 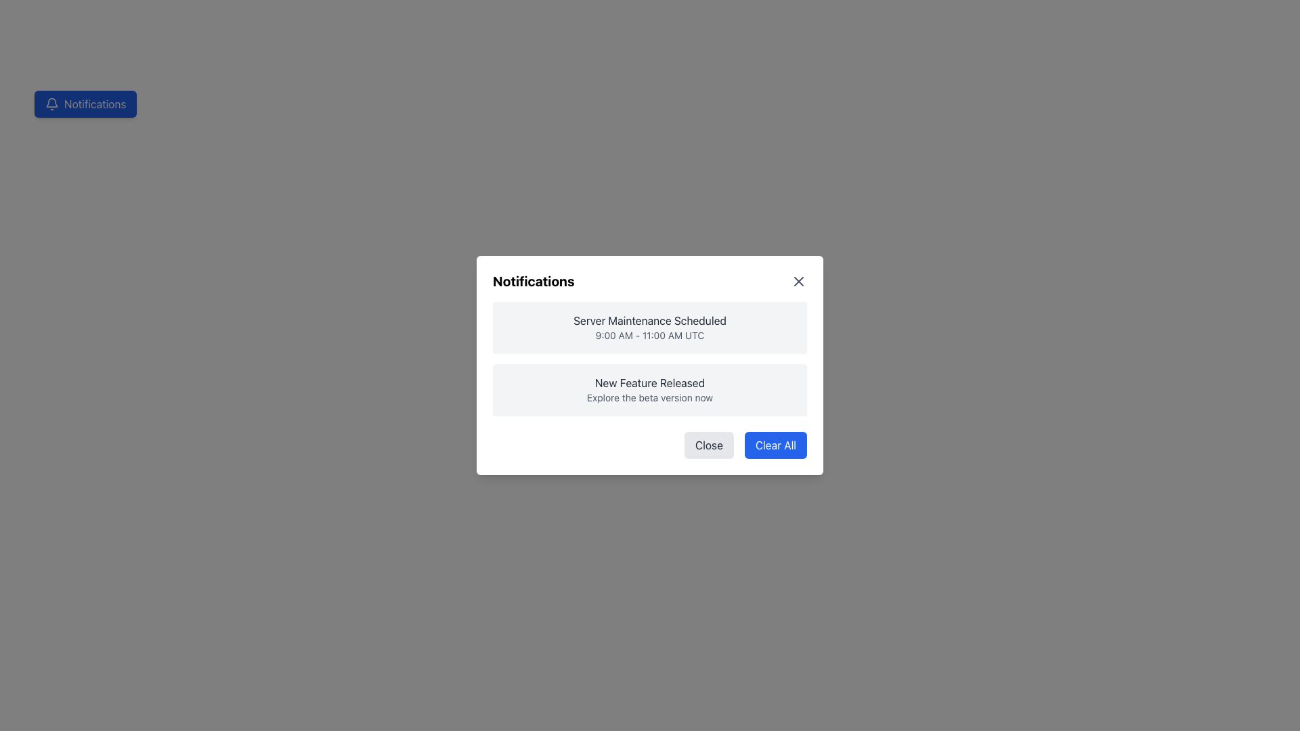 I want to click on the notifications button located at the top-left corner of the interface, so click(x=85, y=104).